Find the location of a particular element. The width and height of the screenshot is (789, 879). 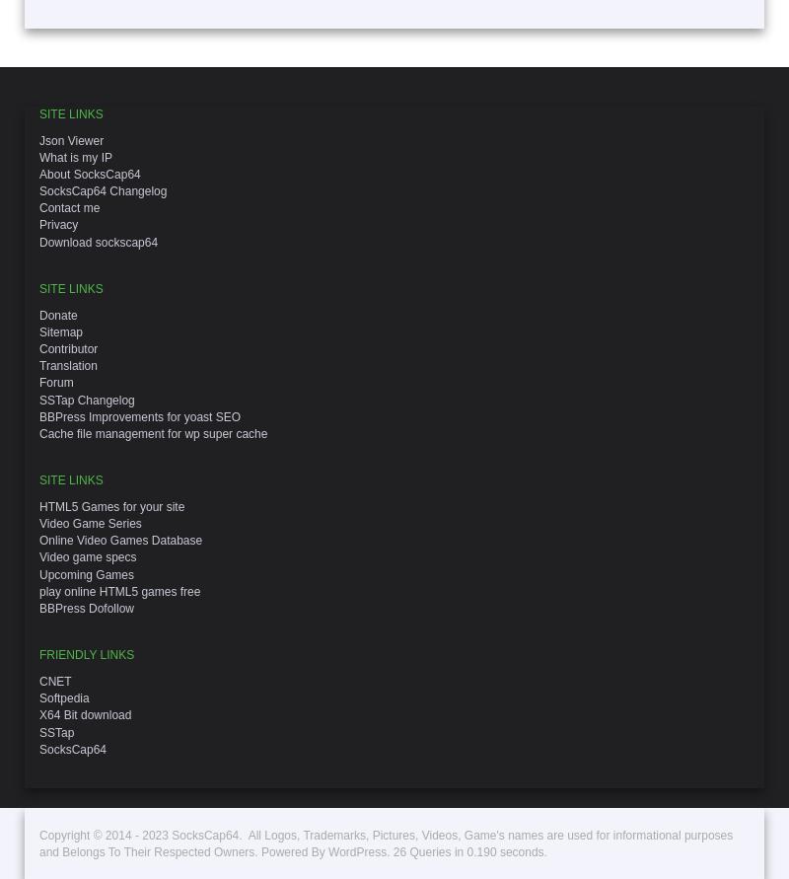

'Cache file management for wp super cache' is located at coordinates (153, 432).